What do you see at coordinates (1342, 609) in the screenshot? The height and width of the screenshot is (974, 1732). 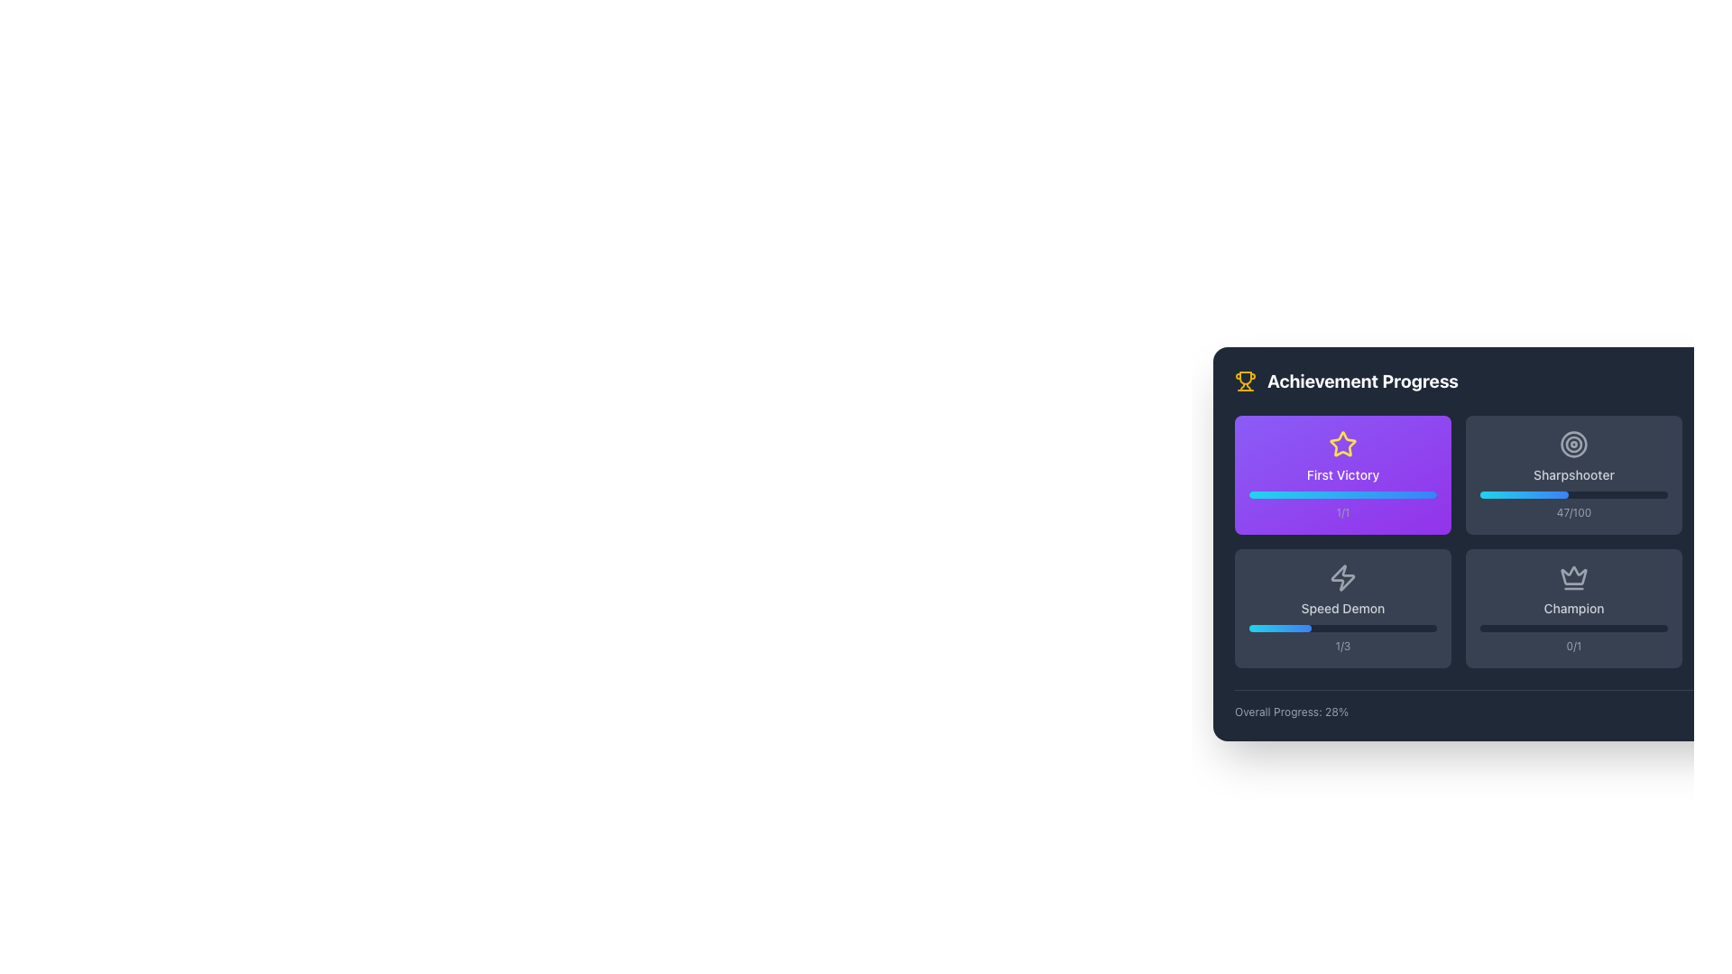 I see `the text label displaying 'Speed Demon', which is located within the achievement tracker section, positioned between a lightning bolt icon and a progress bar` at bounding box center [1342, 609].